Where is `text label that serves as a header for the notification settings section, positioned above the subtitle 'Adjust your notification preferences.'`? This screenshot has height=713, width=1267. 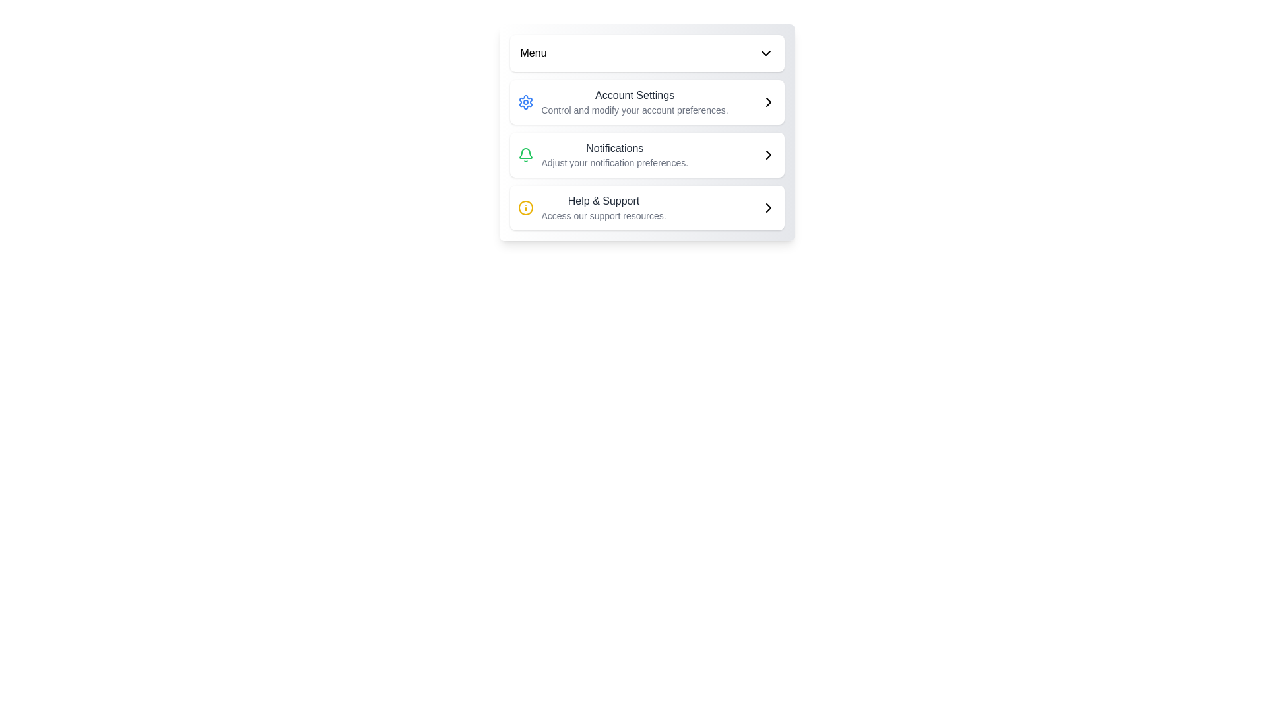 text label that serves as a header for the notification settings section, positioned above the subtitle 'Adjust your notification preferences.' is located at coordinates (614, 148).